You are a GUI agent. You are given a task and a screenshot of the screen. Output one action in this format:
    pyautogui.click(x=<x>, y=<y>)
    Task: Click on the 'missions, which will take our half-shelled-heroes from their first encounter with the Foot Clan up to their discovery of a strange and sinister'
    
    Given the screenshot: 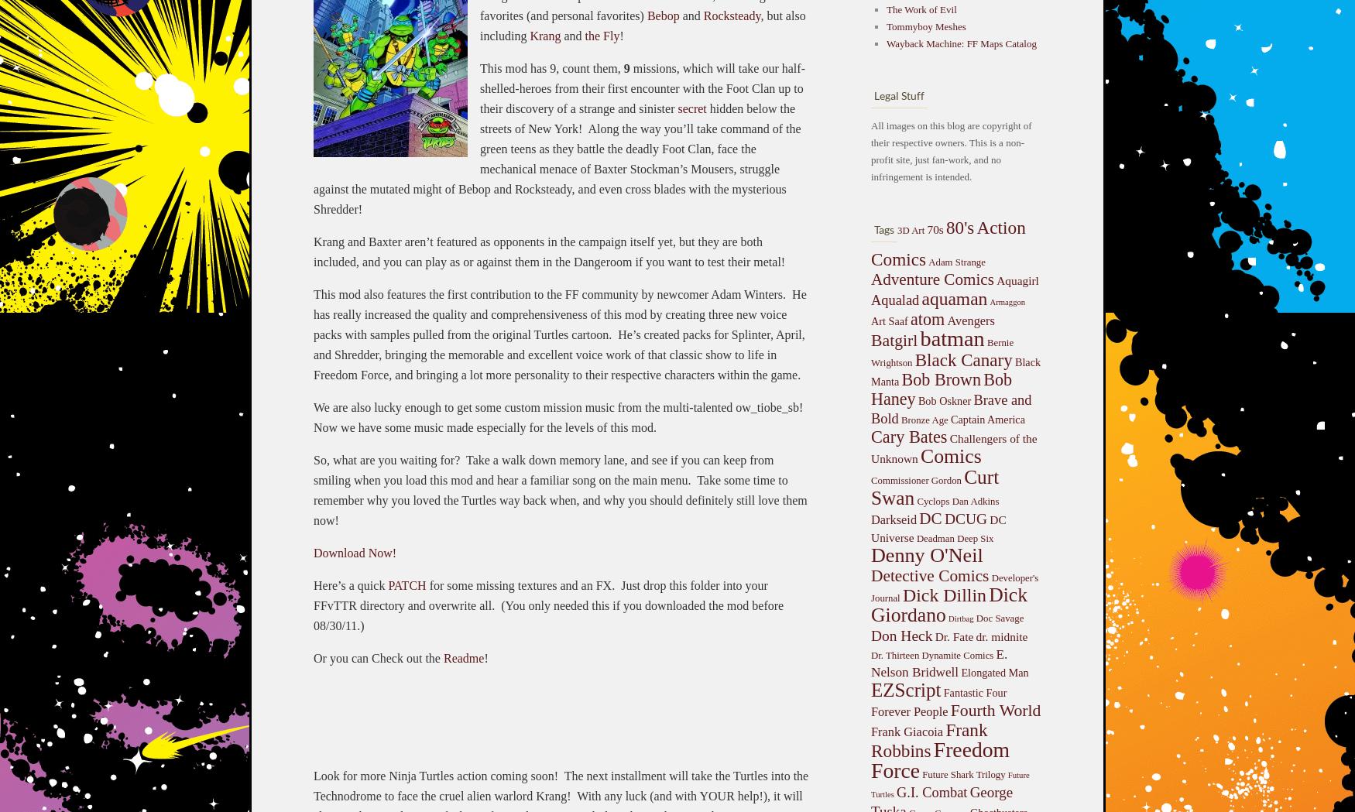 What is the action you would take?
    pyautogui.click(x=642, y=87)
    